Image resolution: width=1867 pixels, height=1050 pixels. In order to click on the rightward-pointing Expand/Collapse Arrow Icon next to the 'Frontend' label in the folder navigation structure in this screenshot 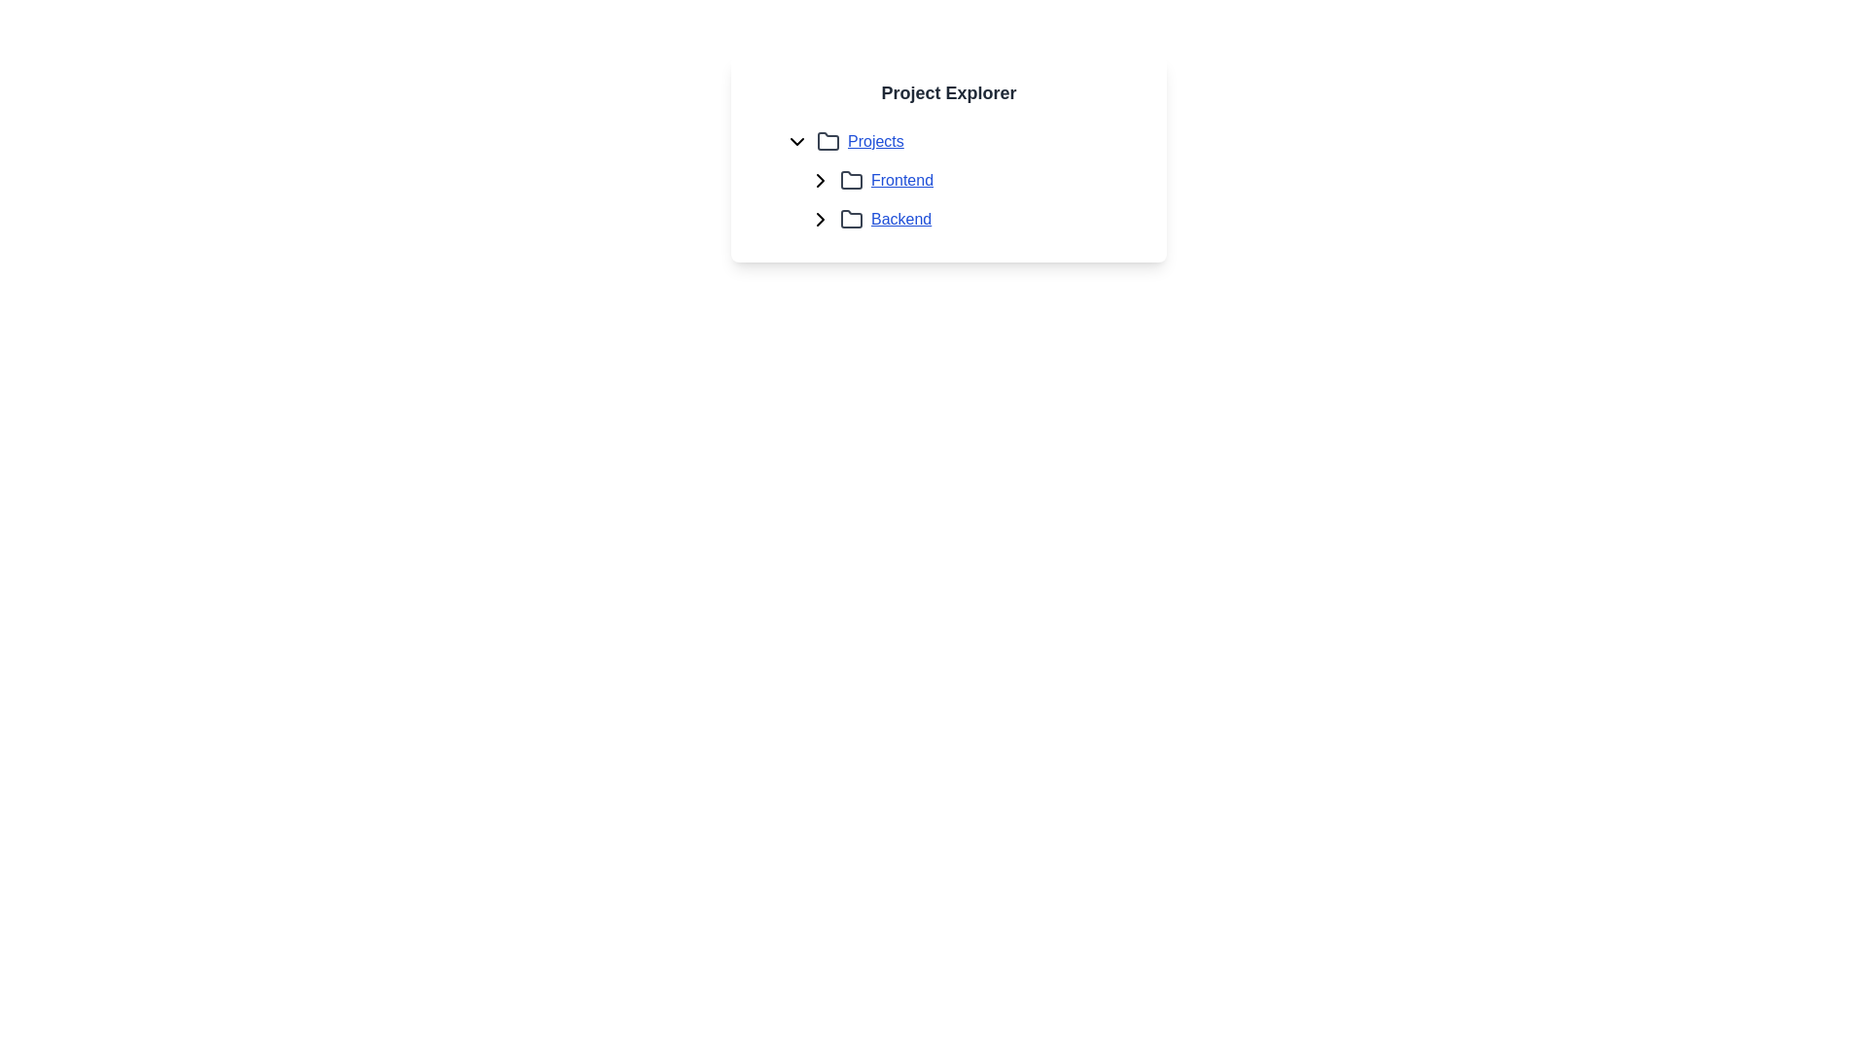, I will do `click(821, 219)`.